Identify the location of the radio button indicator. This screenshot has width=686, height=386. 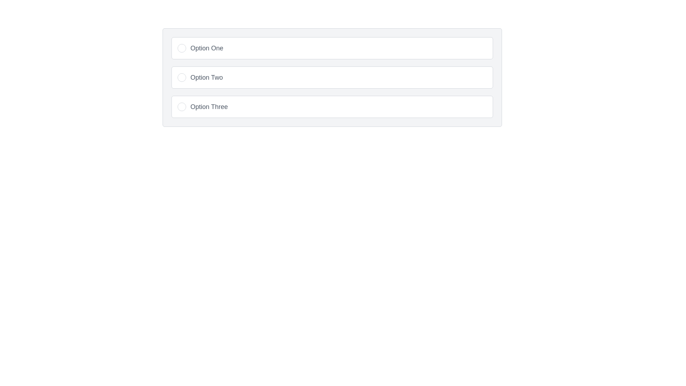
(182, 107).